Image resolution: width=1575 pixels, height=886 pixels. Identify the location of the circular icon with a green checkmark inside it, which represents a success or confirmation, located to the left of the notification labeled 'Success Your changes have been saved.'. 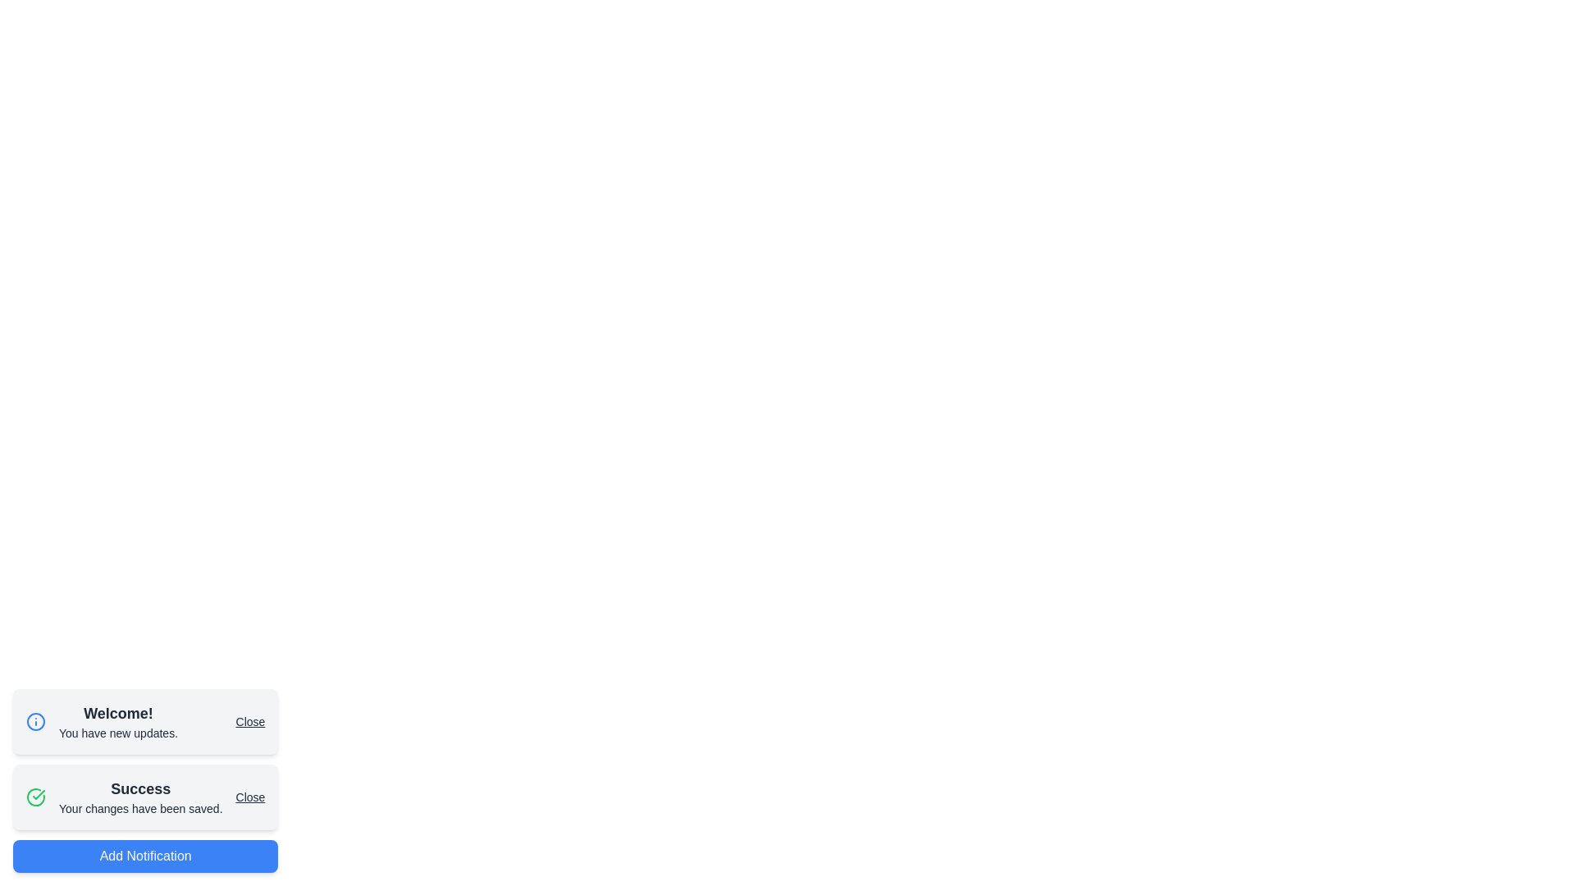
(35, 797).